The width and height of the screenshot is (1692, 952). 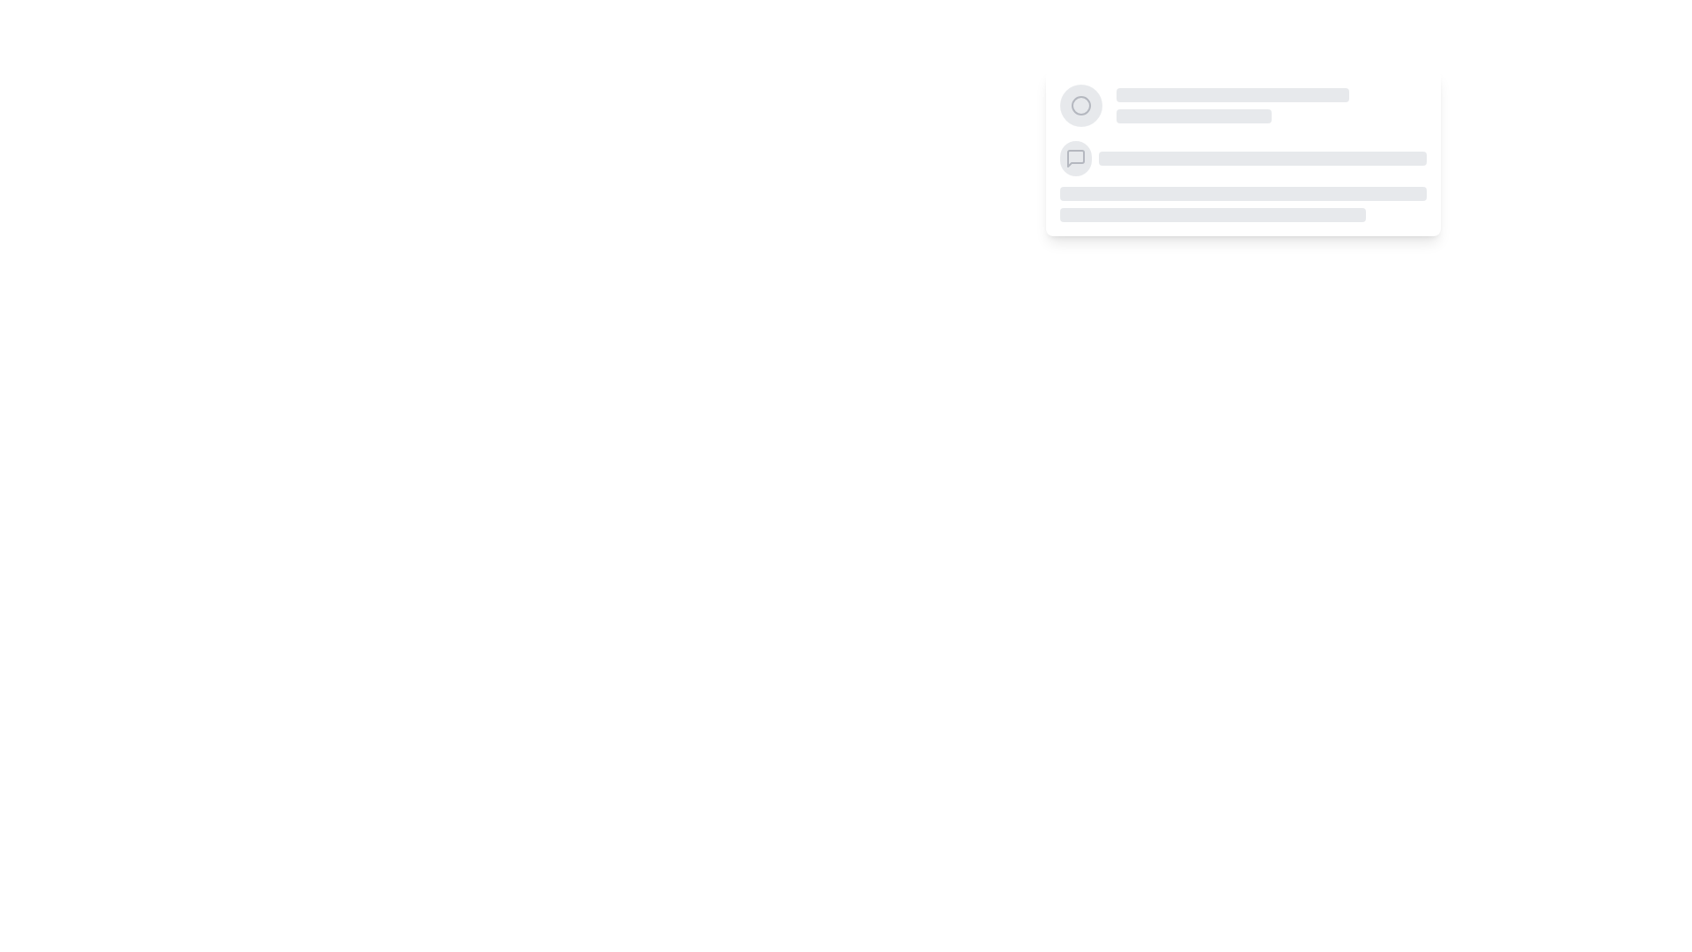 I want to click on the circular gray icon with a hollow center and thin stroke for interactive feedback, so click(x=1080, y=105).